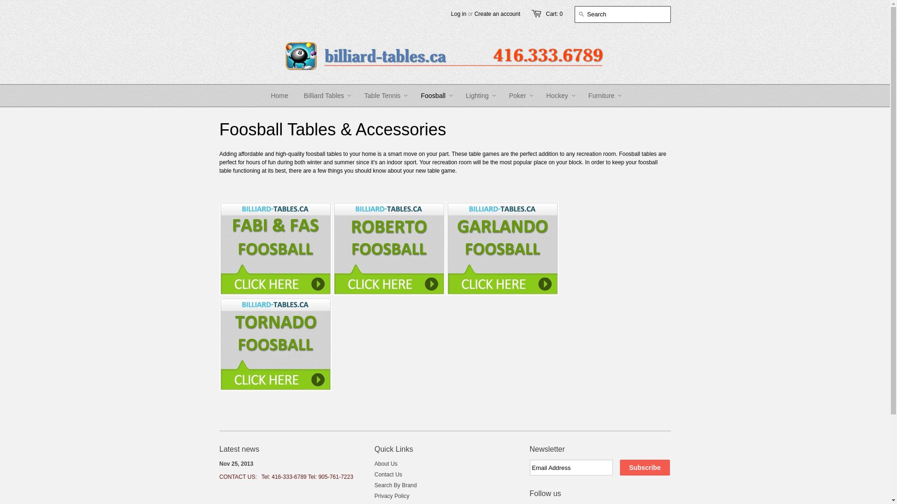 The width and height of the screenshot is (897, 504). I want to click on 'Create an account', so click(474, 14).